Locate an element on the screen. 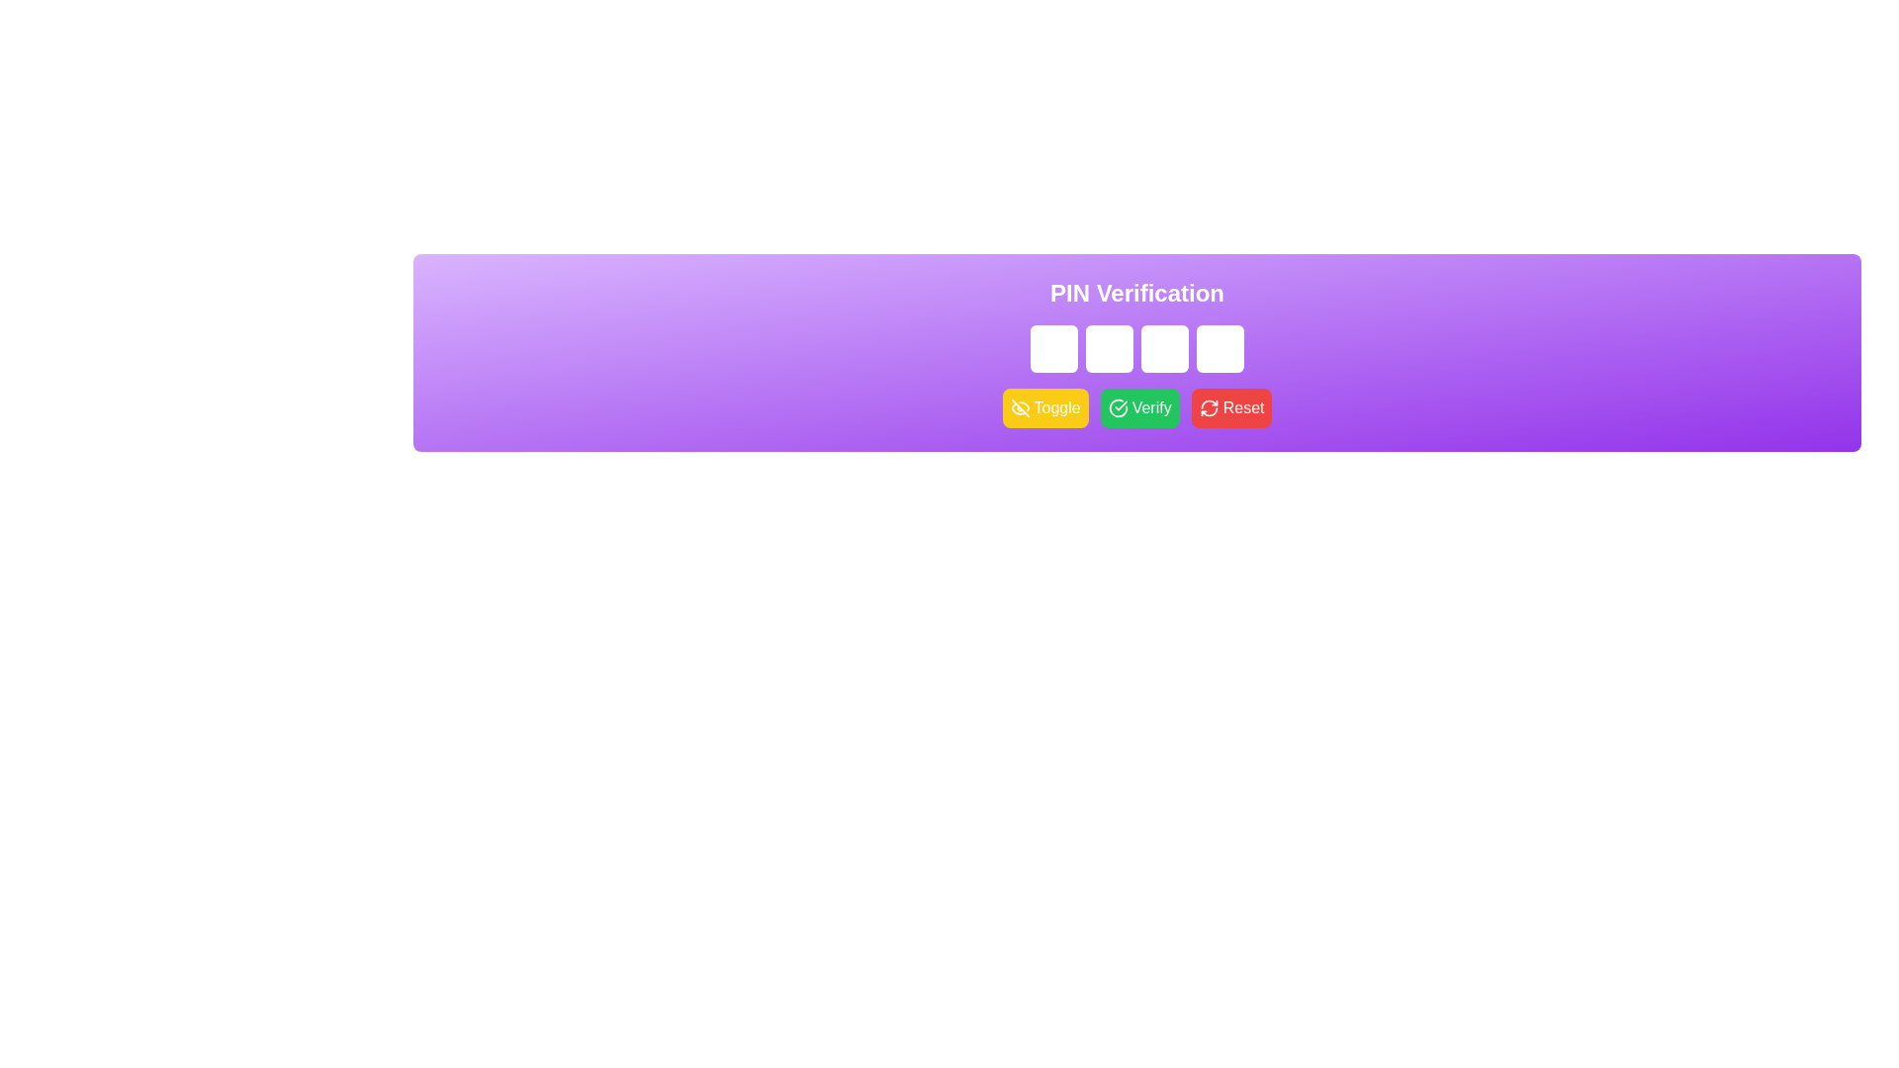 This screenshot has height=1068, width=1899. the reset button located in the bottom-right section containing the PIN input fields, which includes an icon serving as a visual indicator of the reset action is located at coordinates (1208, 406).